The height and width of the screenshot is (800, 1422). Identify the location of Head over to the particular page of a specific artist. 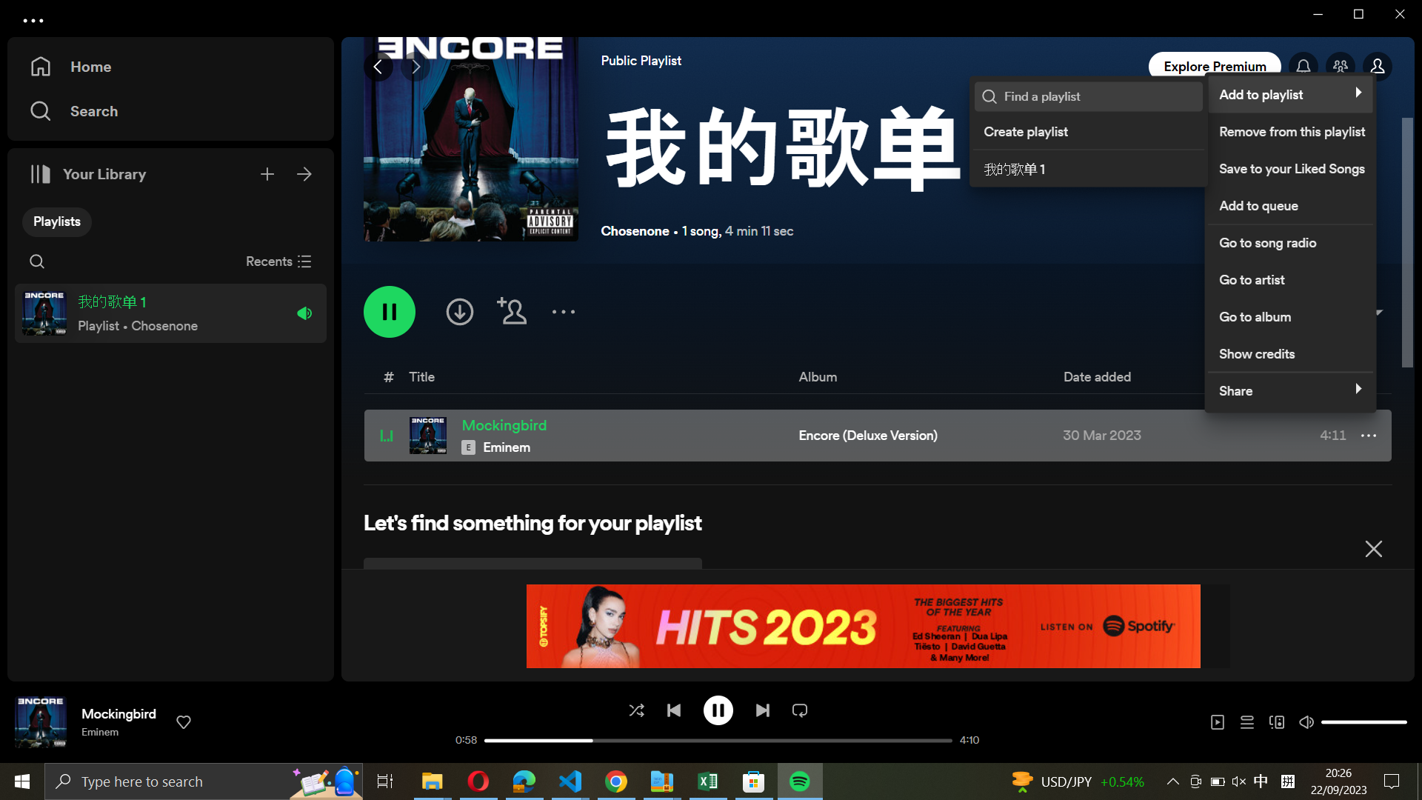
(1289, 277).